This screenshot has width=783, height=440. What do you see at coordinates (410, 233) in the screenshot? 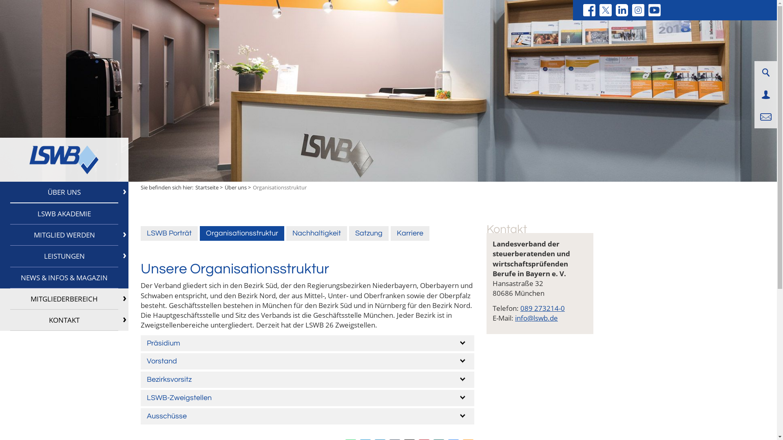
I see `'Karriere'` at bounding box center [410, 233].